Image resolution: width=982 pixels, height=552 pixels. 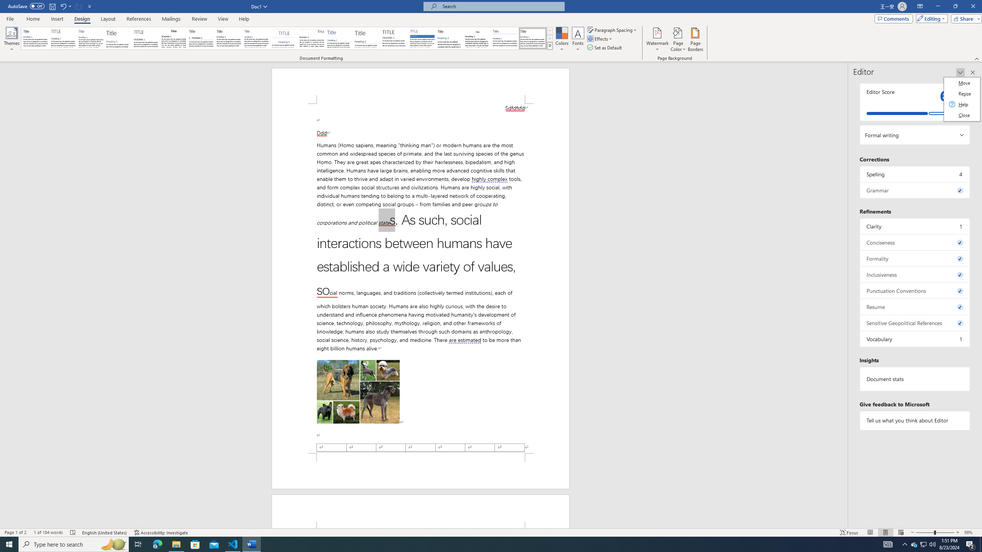 I want to click on 'Document statistics', so click(x=914, y=379).